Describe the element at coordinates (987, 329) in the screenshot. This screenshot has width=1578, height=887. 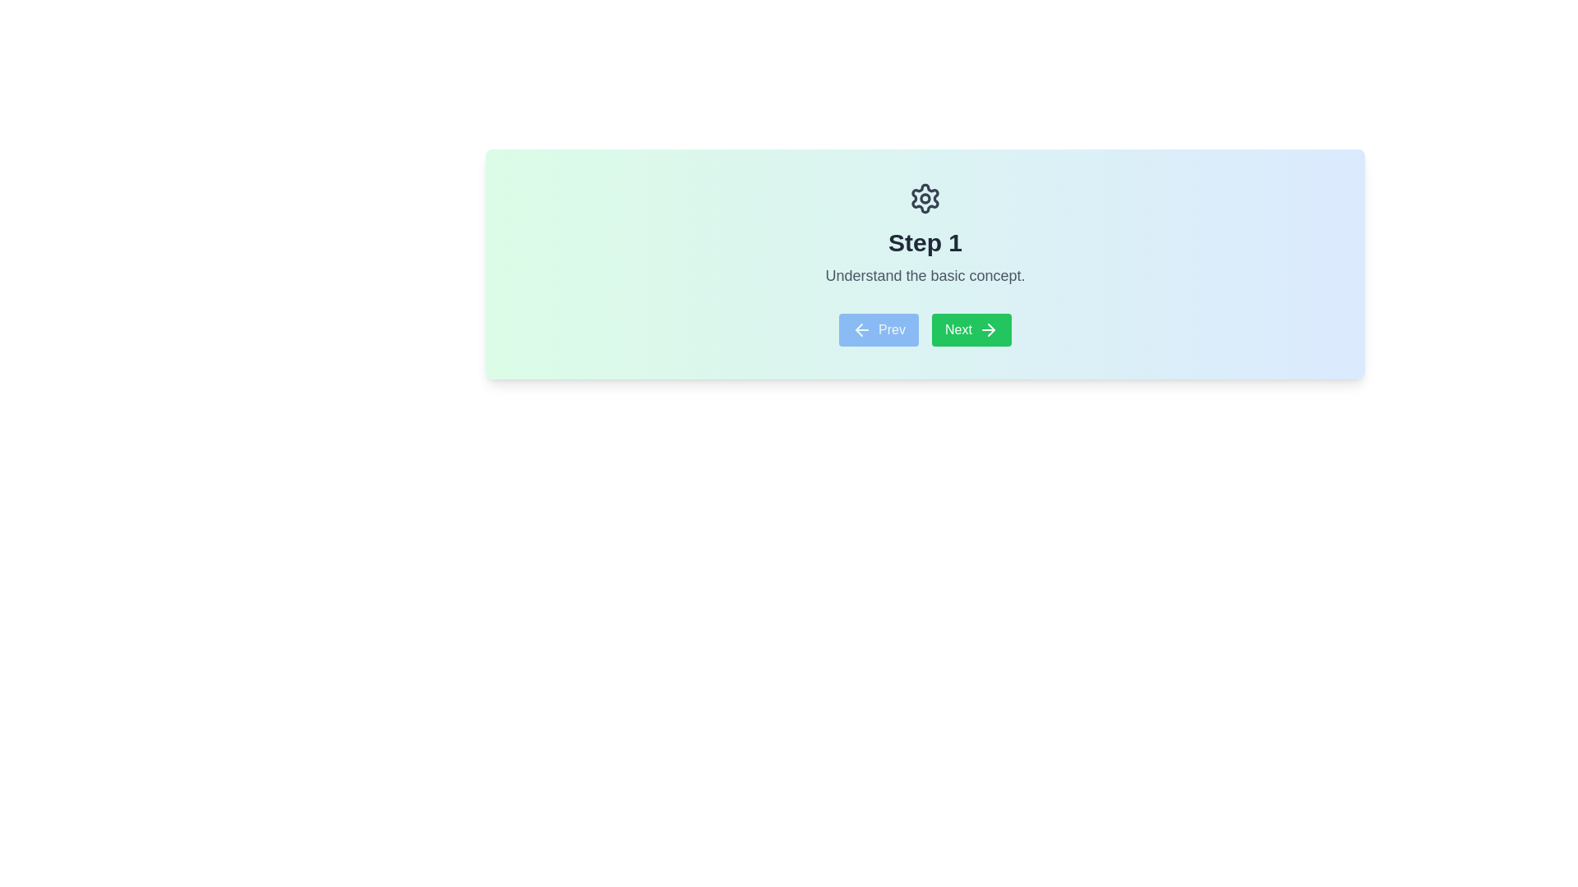
I see `the right-facing arrow icon rendered in a green circular button next to the text 'Next'` at that location.